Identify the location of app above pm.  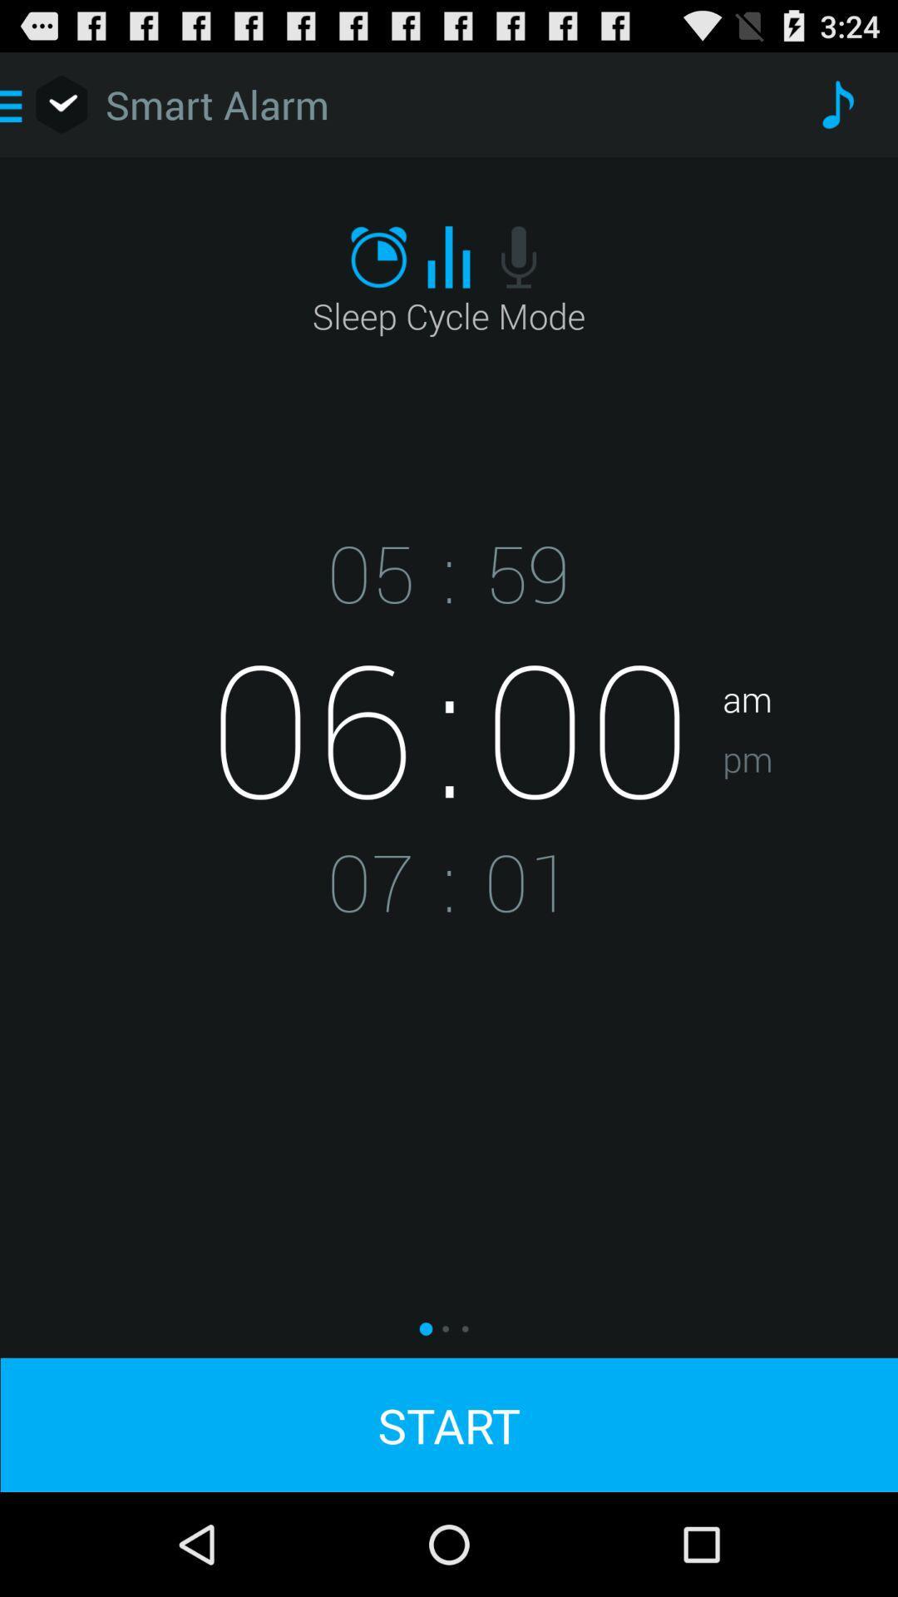
(809, 645).